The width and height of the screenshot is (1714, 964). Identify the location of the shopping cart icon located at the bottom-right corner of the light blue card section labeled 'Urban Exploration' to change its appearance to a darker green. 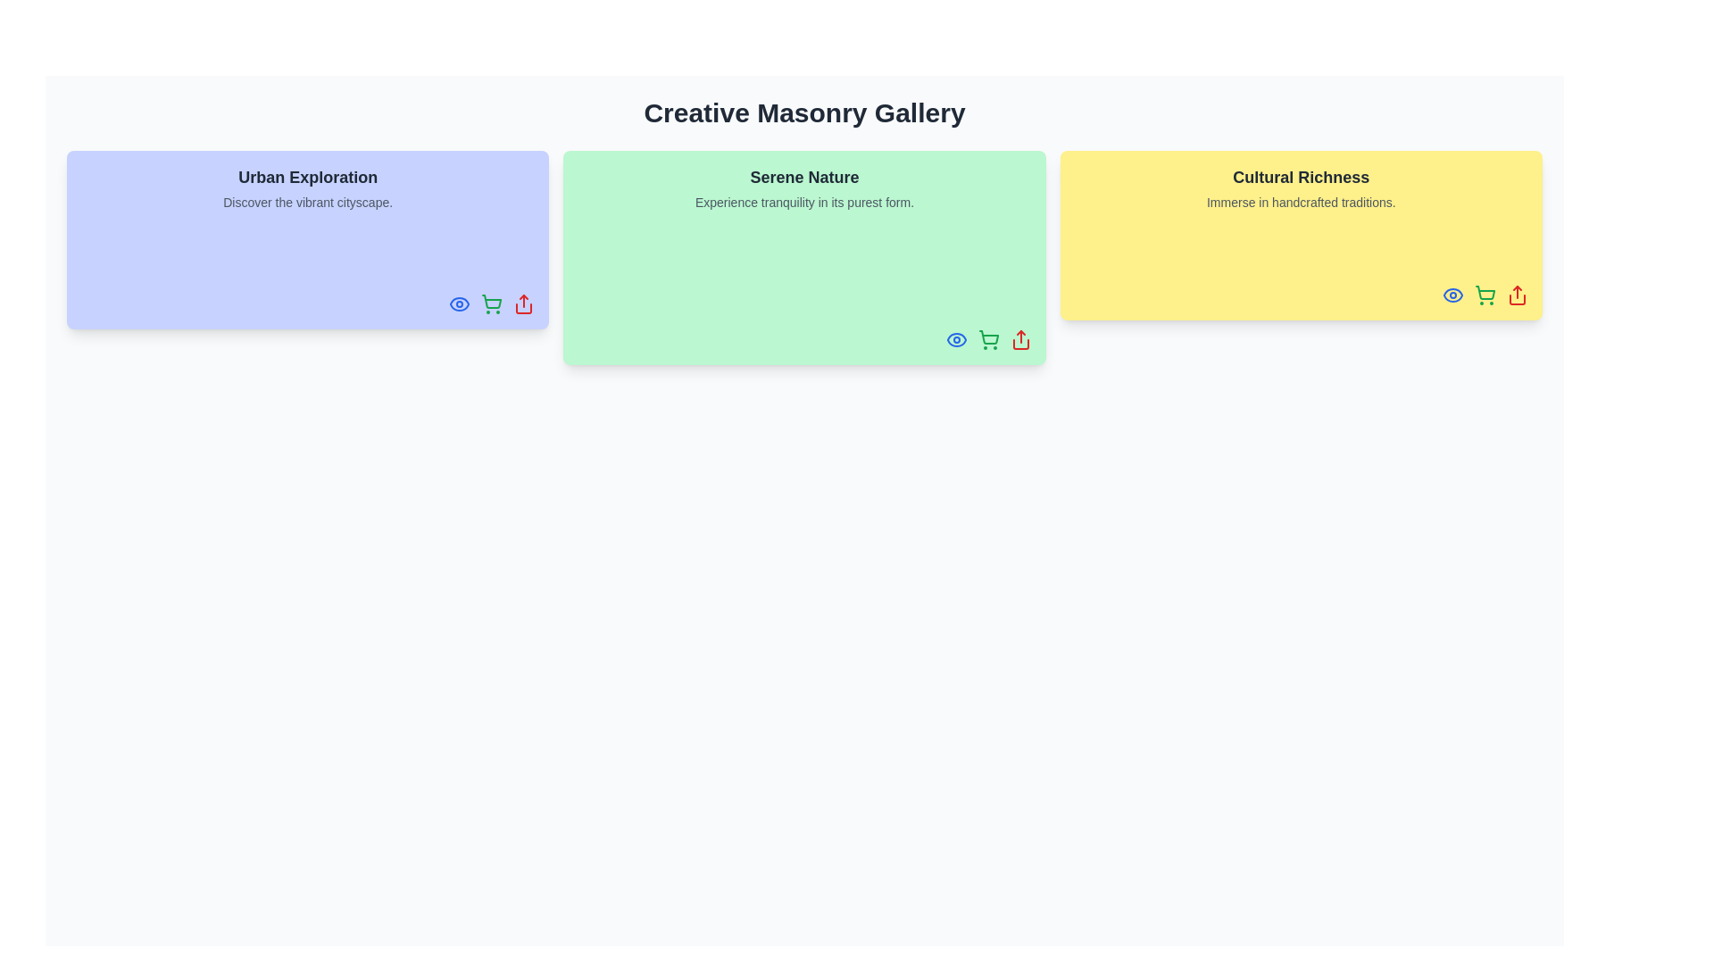
(492, 303).